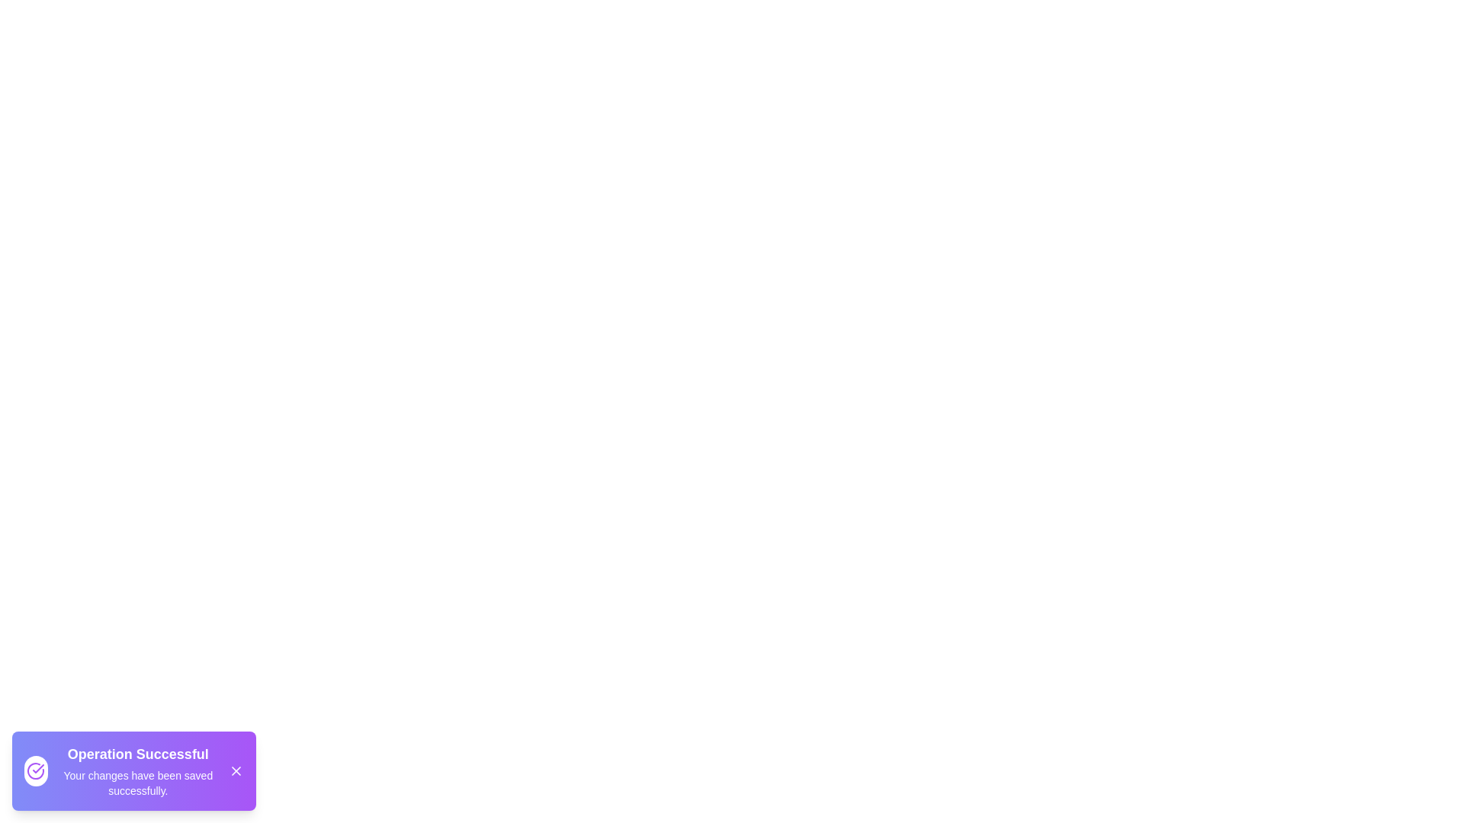  What do you see at coordinates (36, 770) in the screenshot?
I see `the icon to inspect it for additional details or functionality` at bounding box center [36, 770].